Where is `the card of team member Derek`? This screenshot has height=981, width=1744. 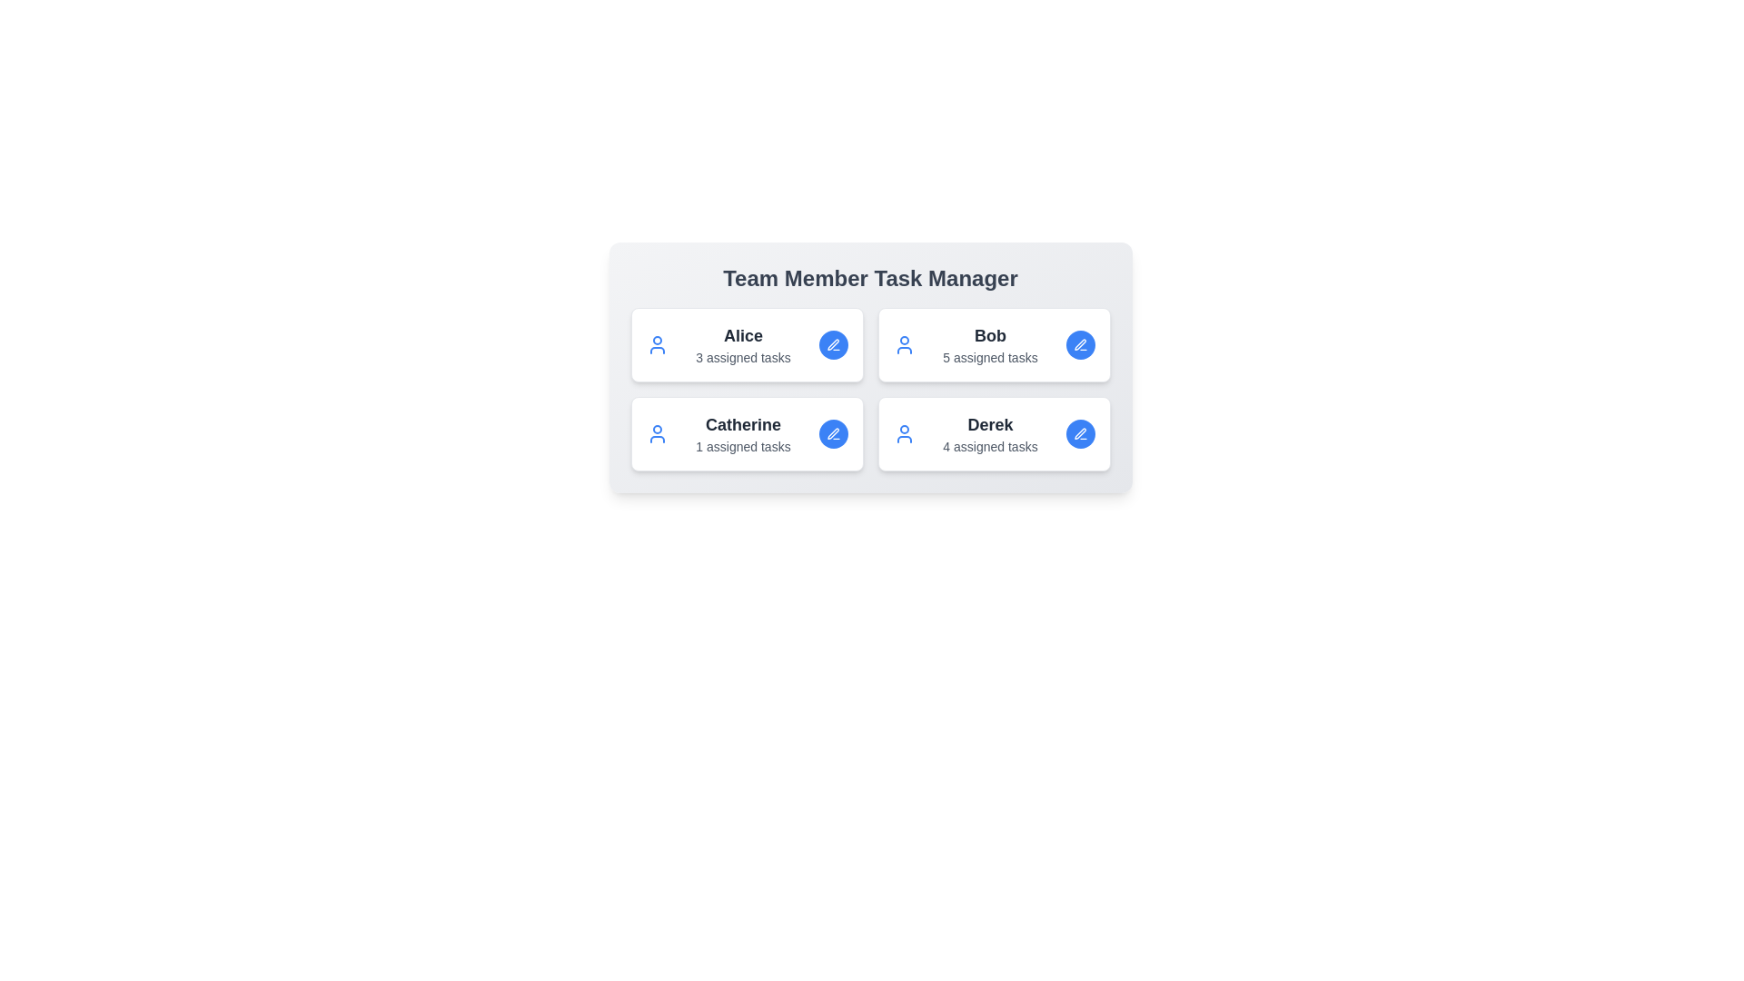
the card of team member Derek is located at coordinates (993, 434).